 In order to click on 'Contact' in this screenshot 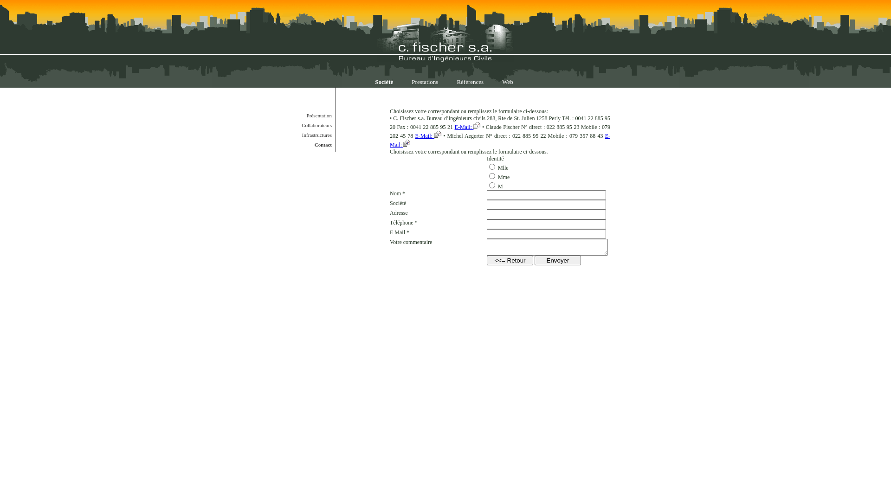, I will do `click(306, 145)`.